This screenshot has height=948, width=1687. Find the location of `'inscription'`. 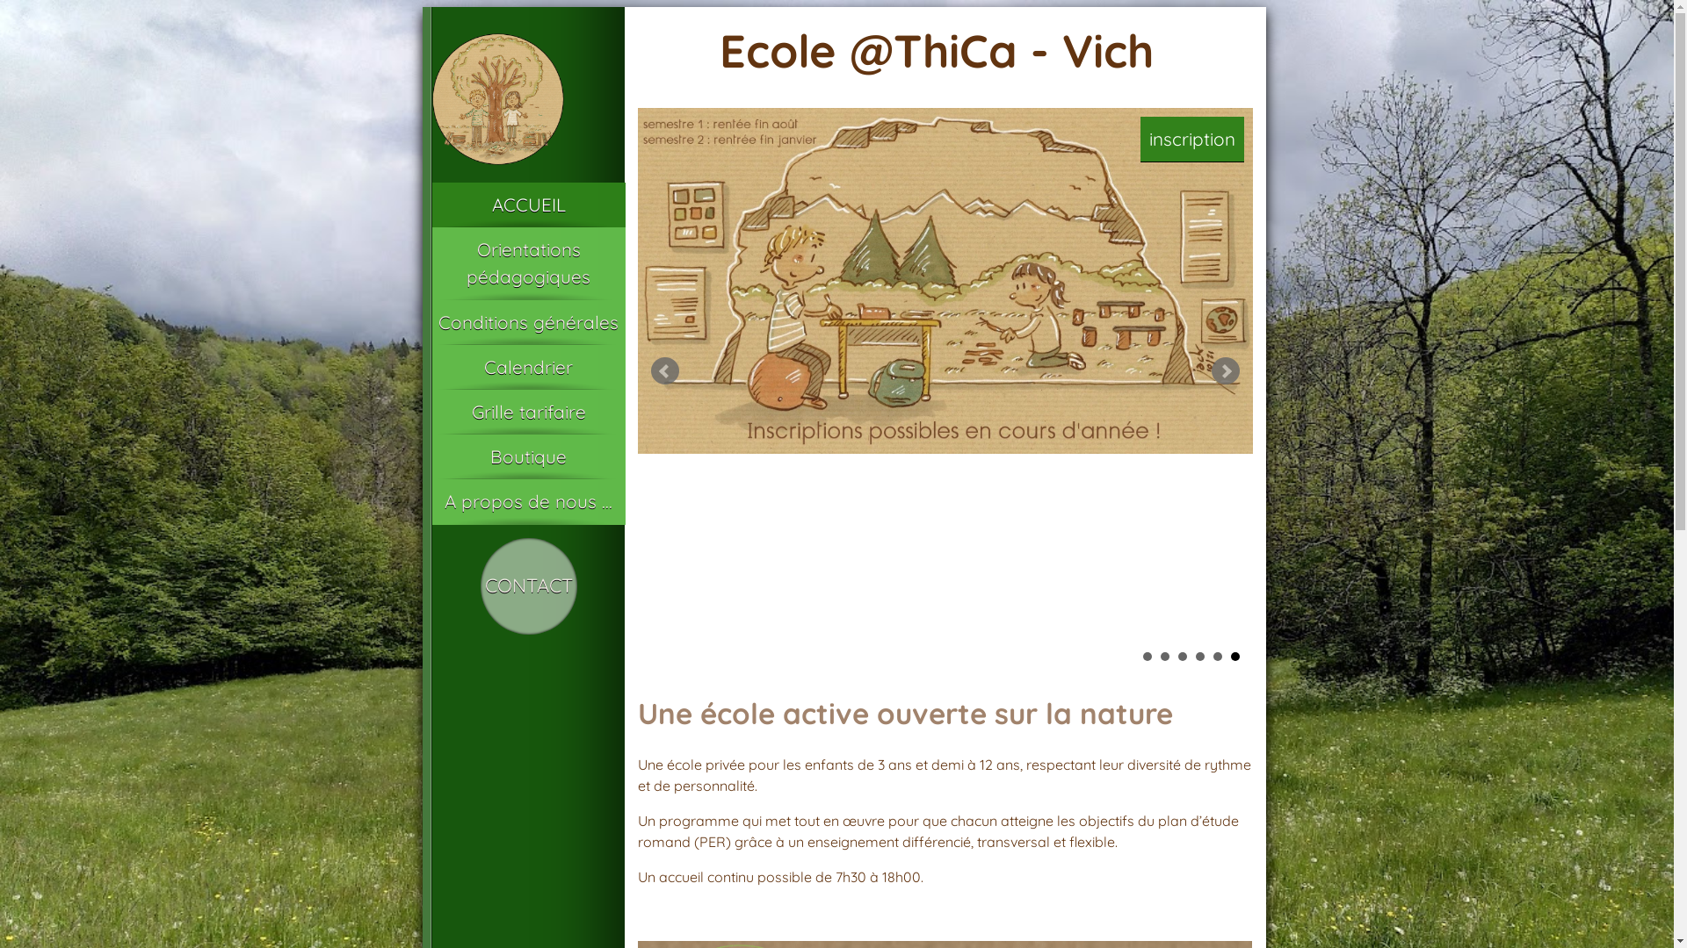

'inscription' is located at coordinates (1192, 138).